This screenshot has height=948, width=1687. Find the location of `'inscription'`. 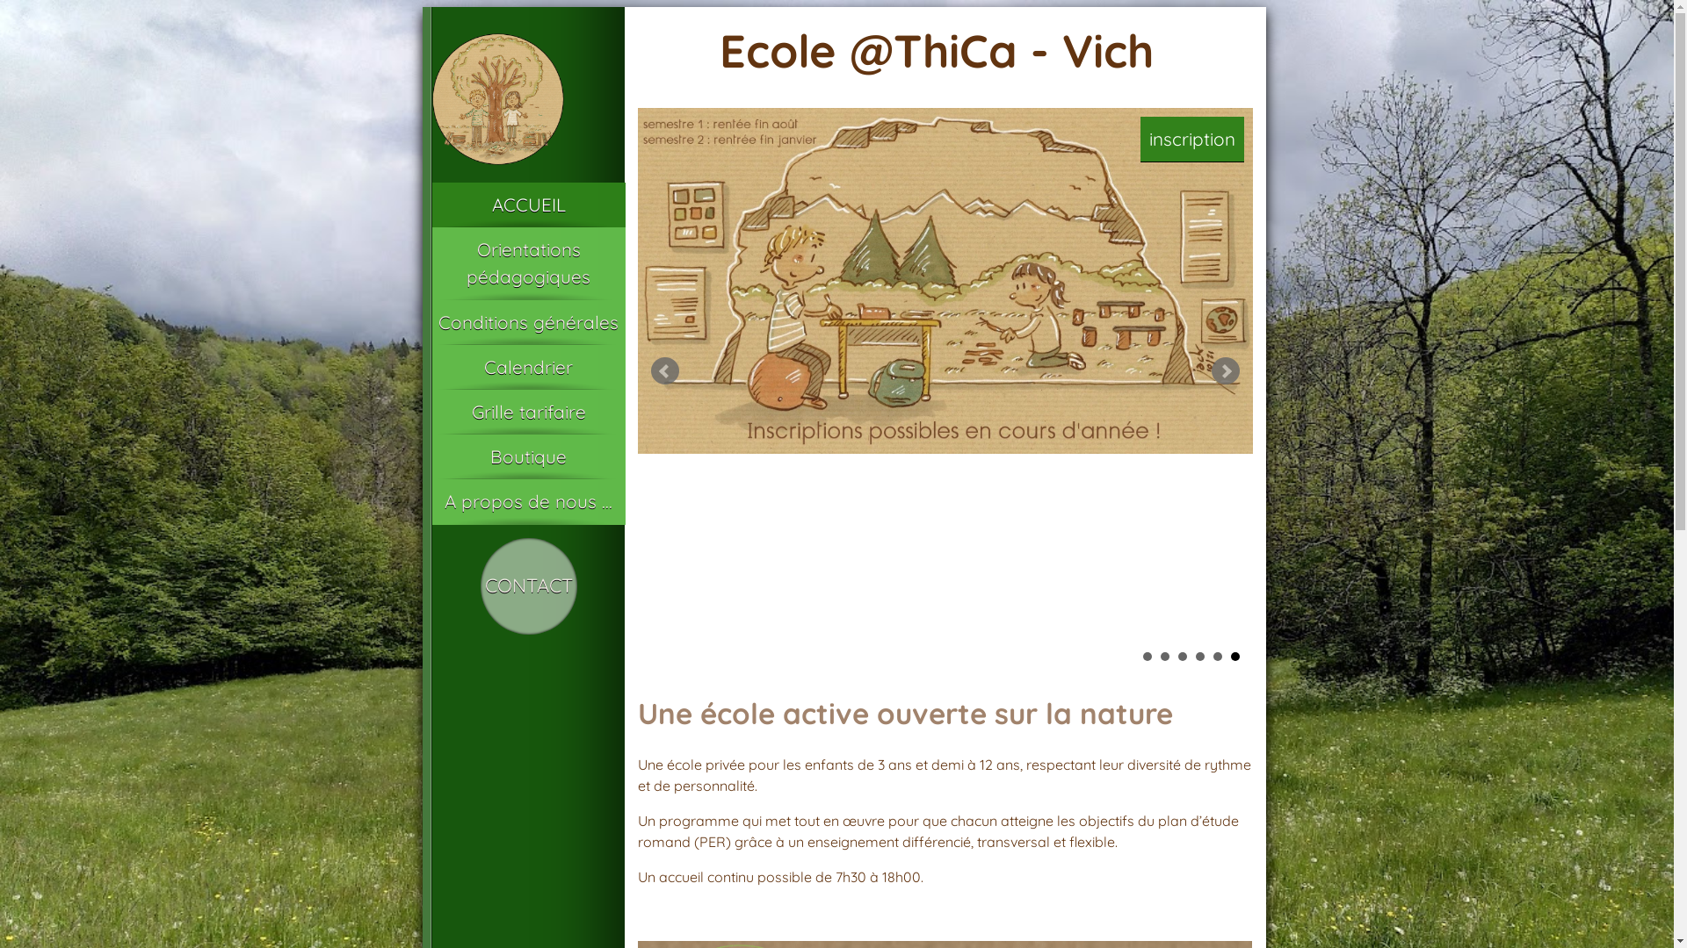

'inscription' is located at coordinates (1192, 138).